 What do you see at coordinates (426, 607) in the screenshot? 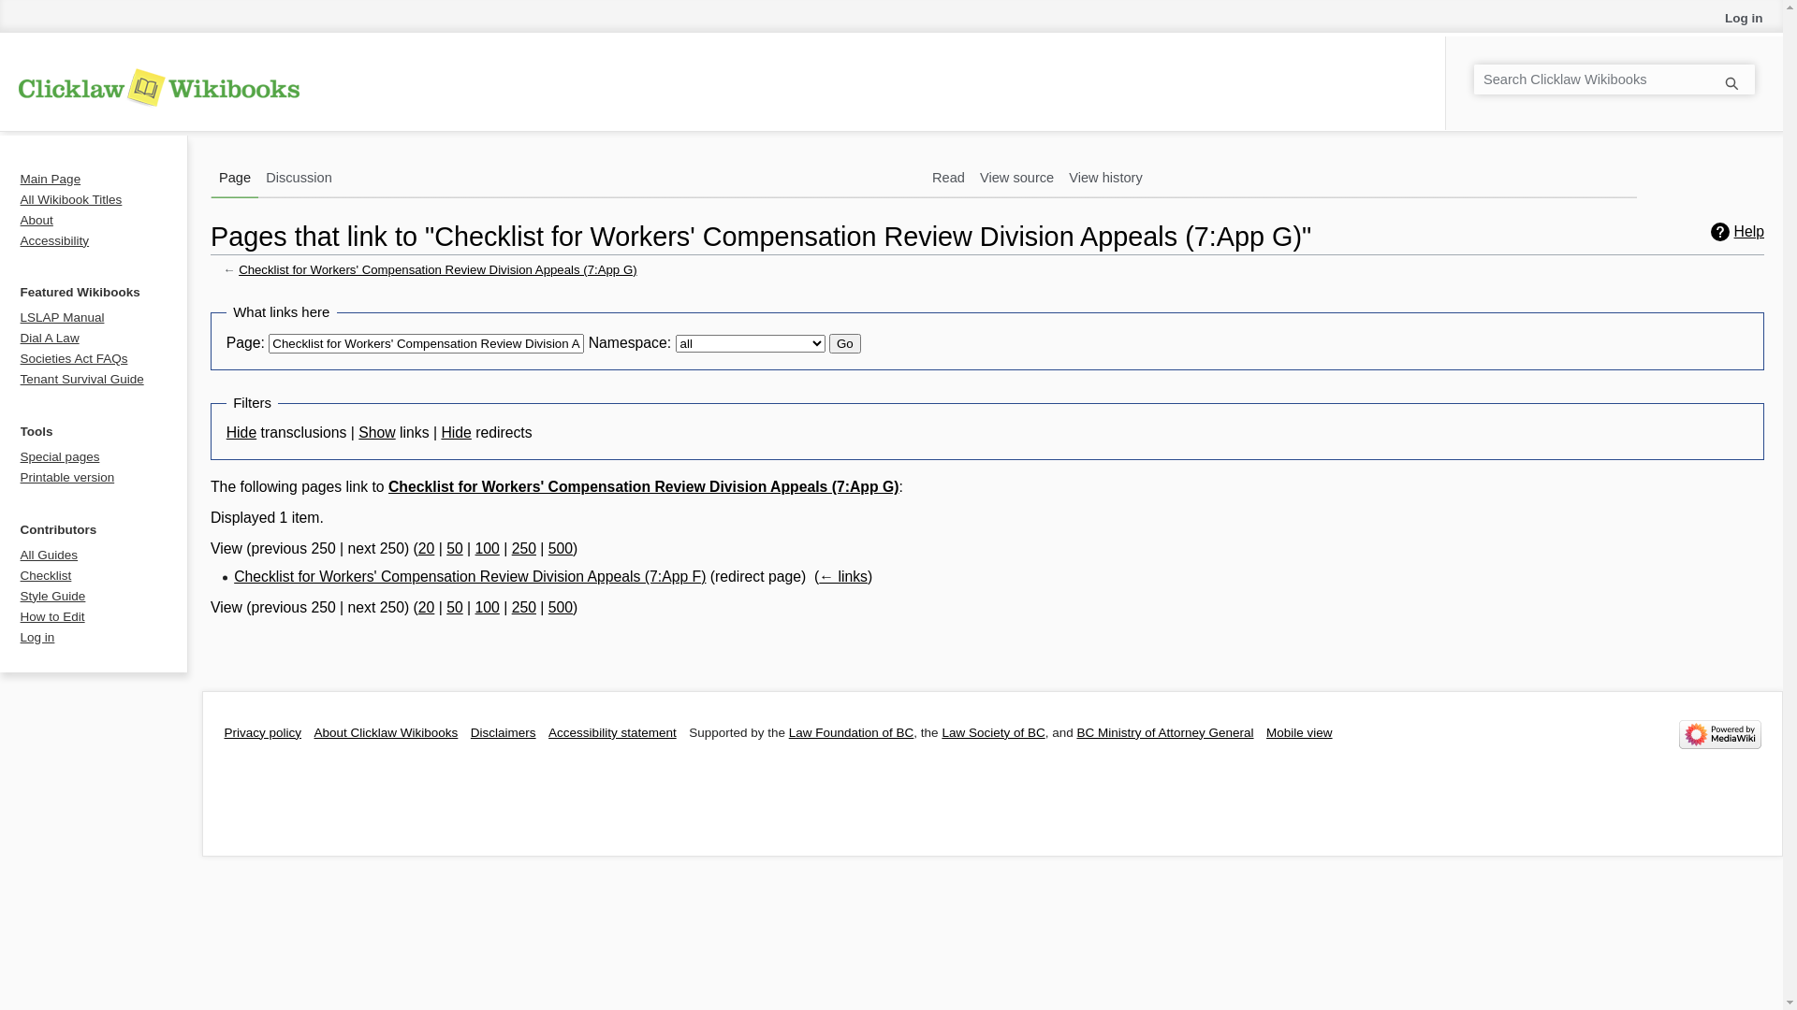
I see `'20'` at bounding box center [426, 607].